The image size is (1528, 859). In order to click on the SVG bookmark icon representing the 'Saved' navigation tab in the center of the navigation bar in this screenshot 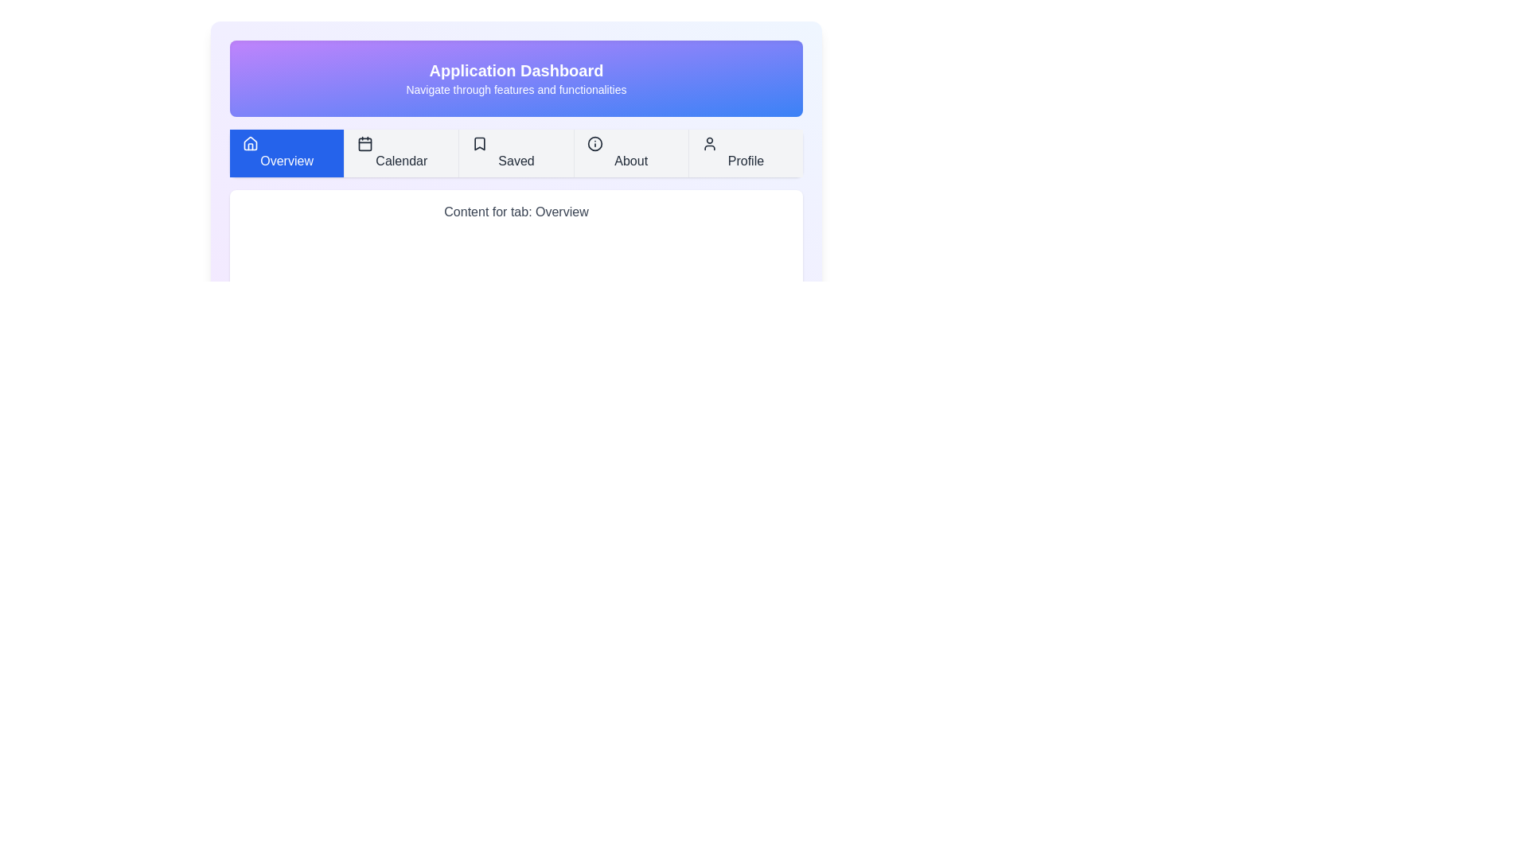, I will do `click(479, 144)`.